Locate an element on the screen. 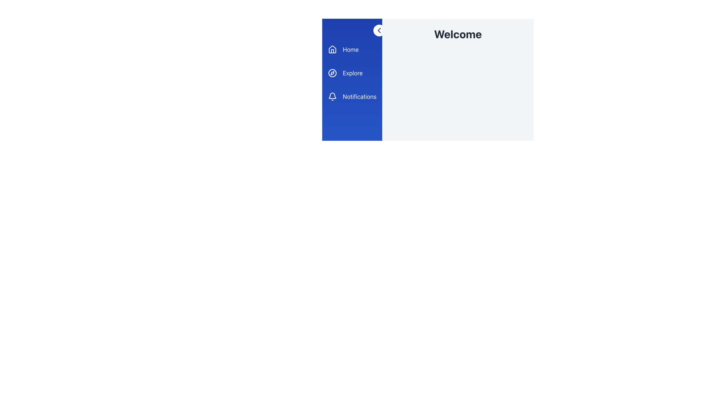 The height and width of the screenshot is (397, 707). the 'Notifications' button, which is the third button in the vertical navigation sidebar, featuring a bell icon and white text on a blue background is located at coordinates (352, 96).